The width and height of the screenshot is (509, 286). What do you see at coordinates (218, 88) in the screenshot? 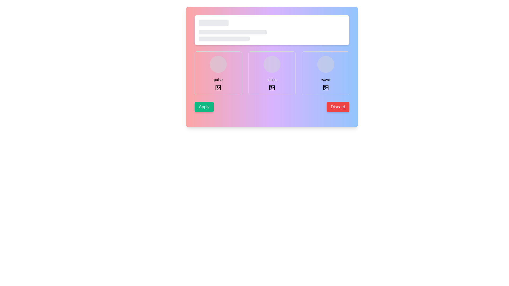
I see `the icon resembling a photograph with a diagonal line crossing through it, located beneath the text label 'pulse' in the first card of a three-card layout` at bounding box center [218, 88].